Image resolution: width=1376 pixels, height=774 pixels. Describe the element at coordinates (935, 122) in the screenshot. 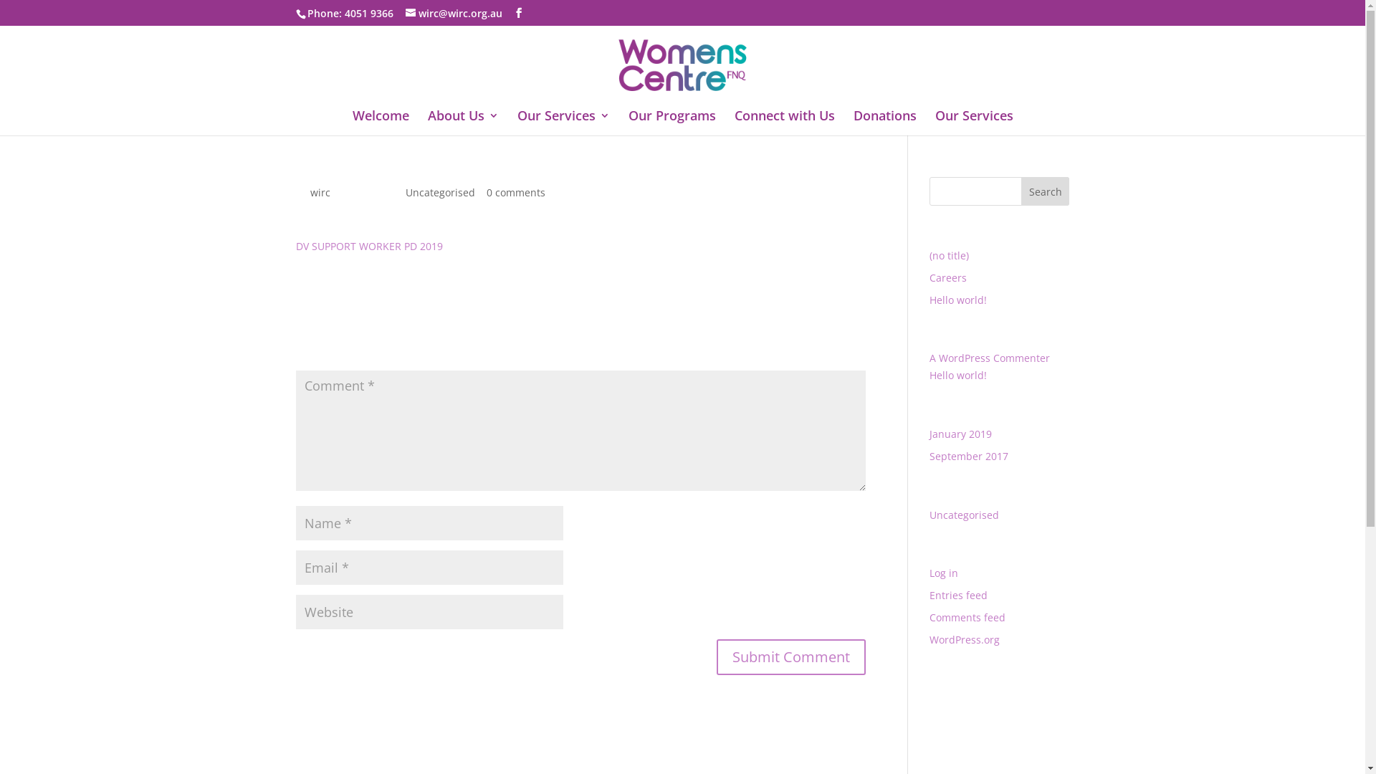

I see `'Our Services'` at that location.